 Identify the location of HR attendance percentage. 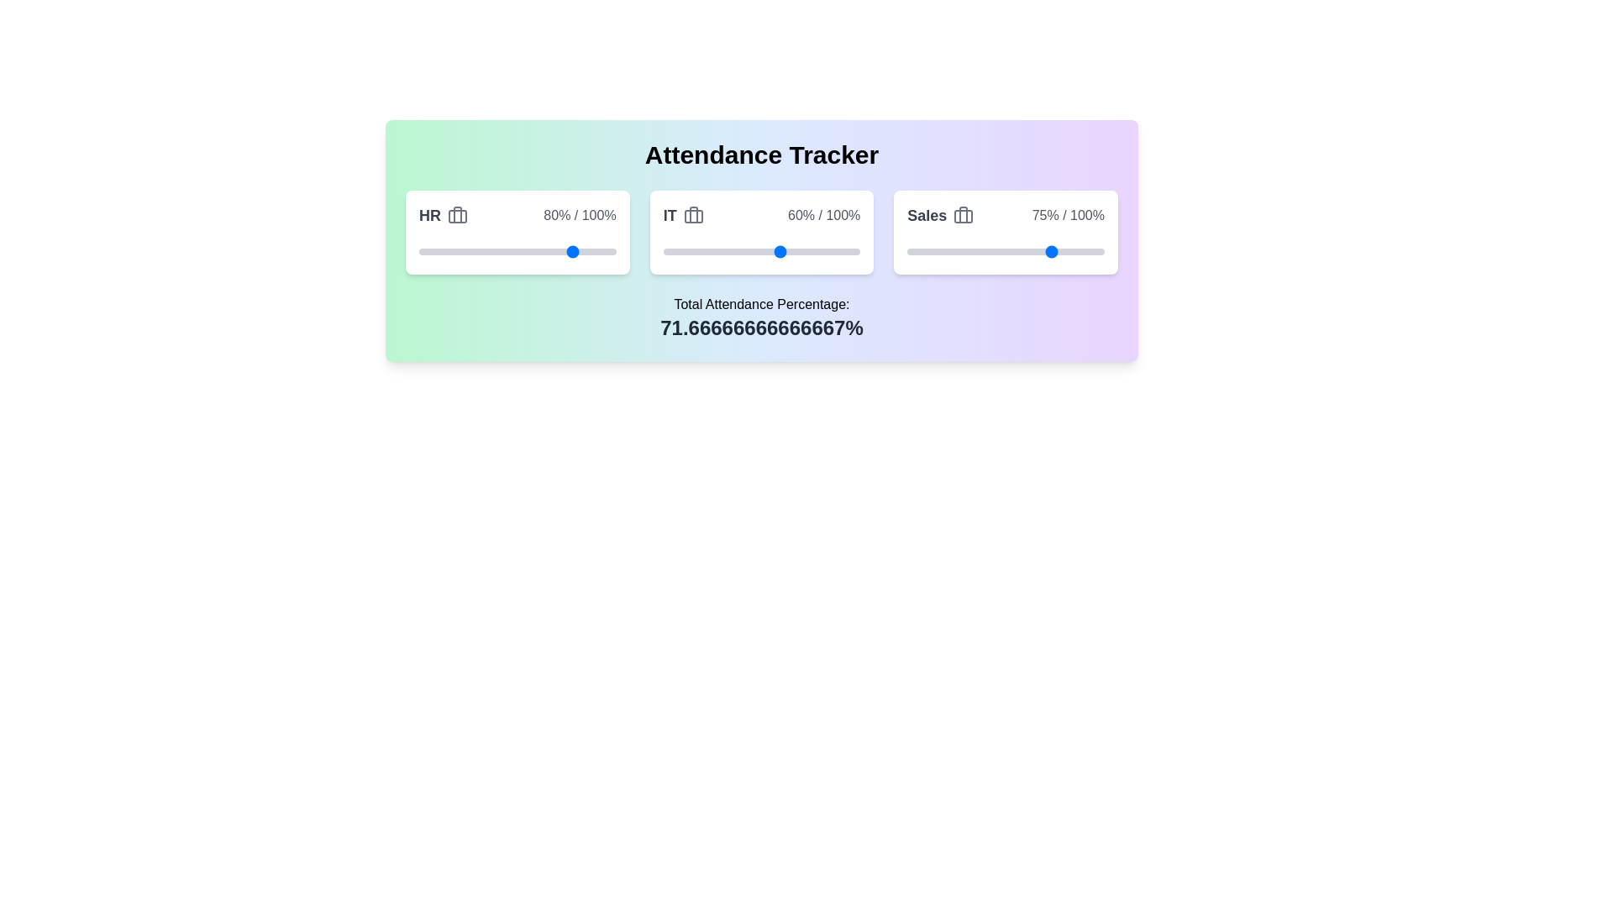
(502, 252).